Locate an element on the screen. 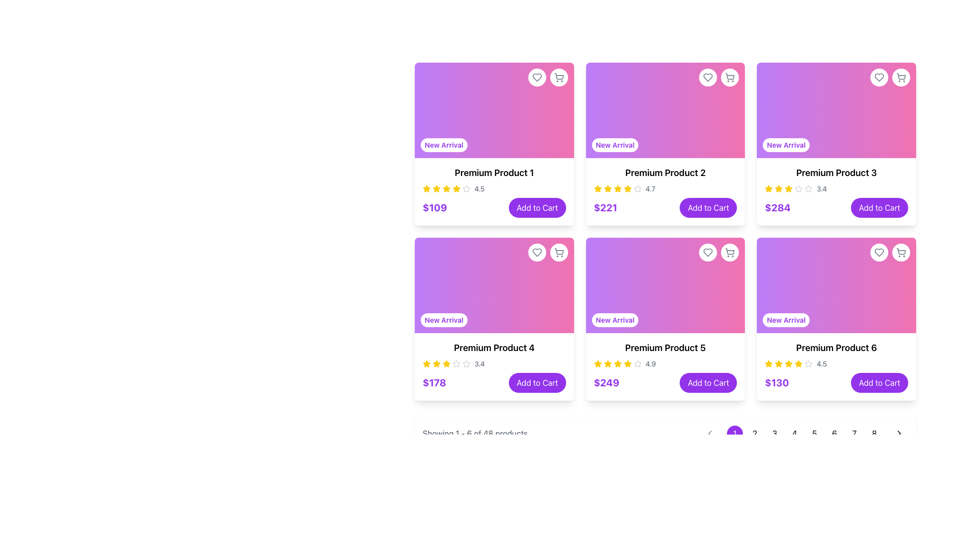  the heart-shaped icon button in the top-right corner of the 'Premium Product 2' card is located at coordinates (708, 77).